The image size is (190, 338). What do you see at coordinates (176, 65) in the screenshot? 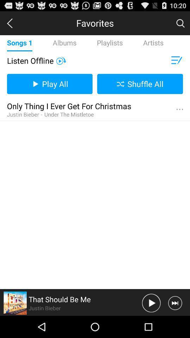
I see `the menu icon` at bounding box center [176, 65].